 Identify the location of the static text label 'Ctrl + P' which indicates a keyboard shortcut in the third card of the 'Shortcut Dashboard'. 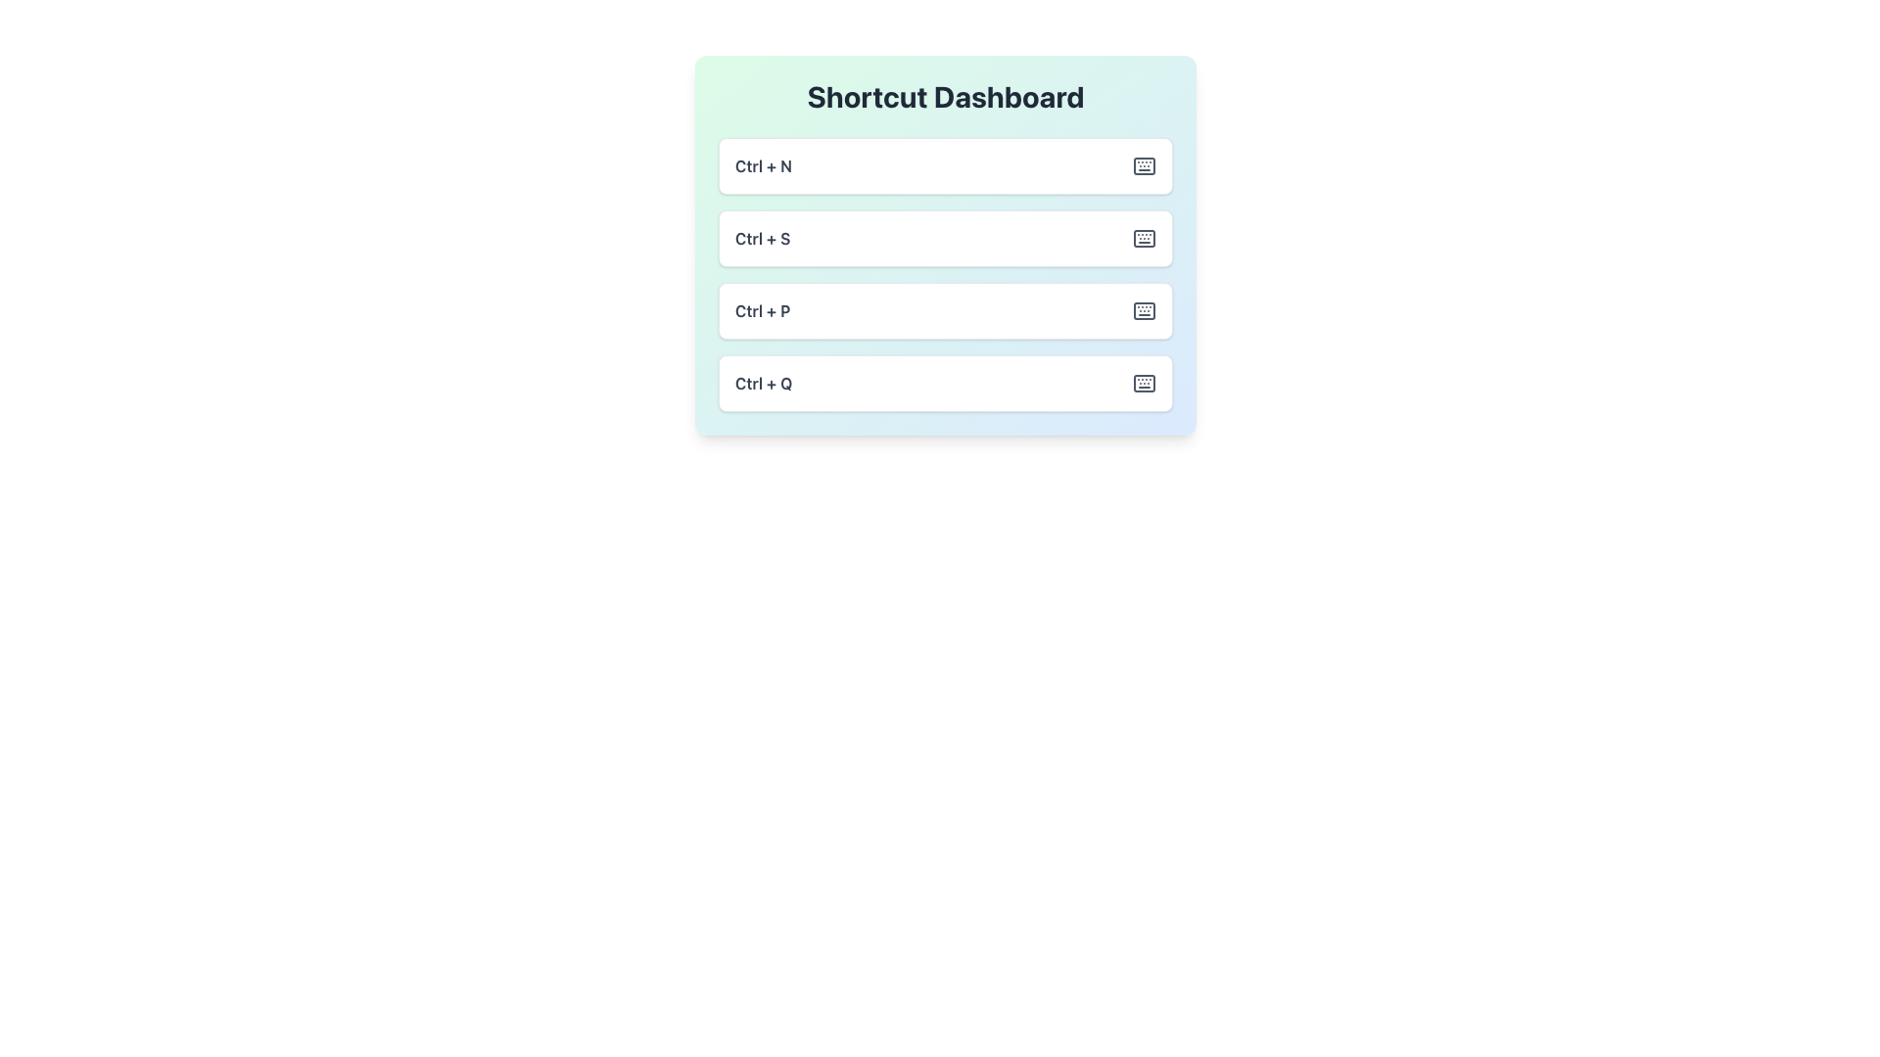
(762, 309).